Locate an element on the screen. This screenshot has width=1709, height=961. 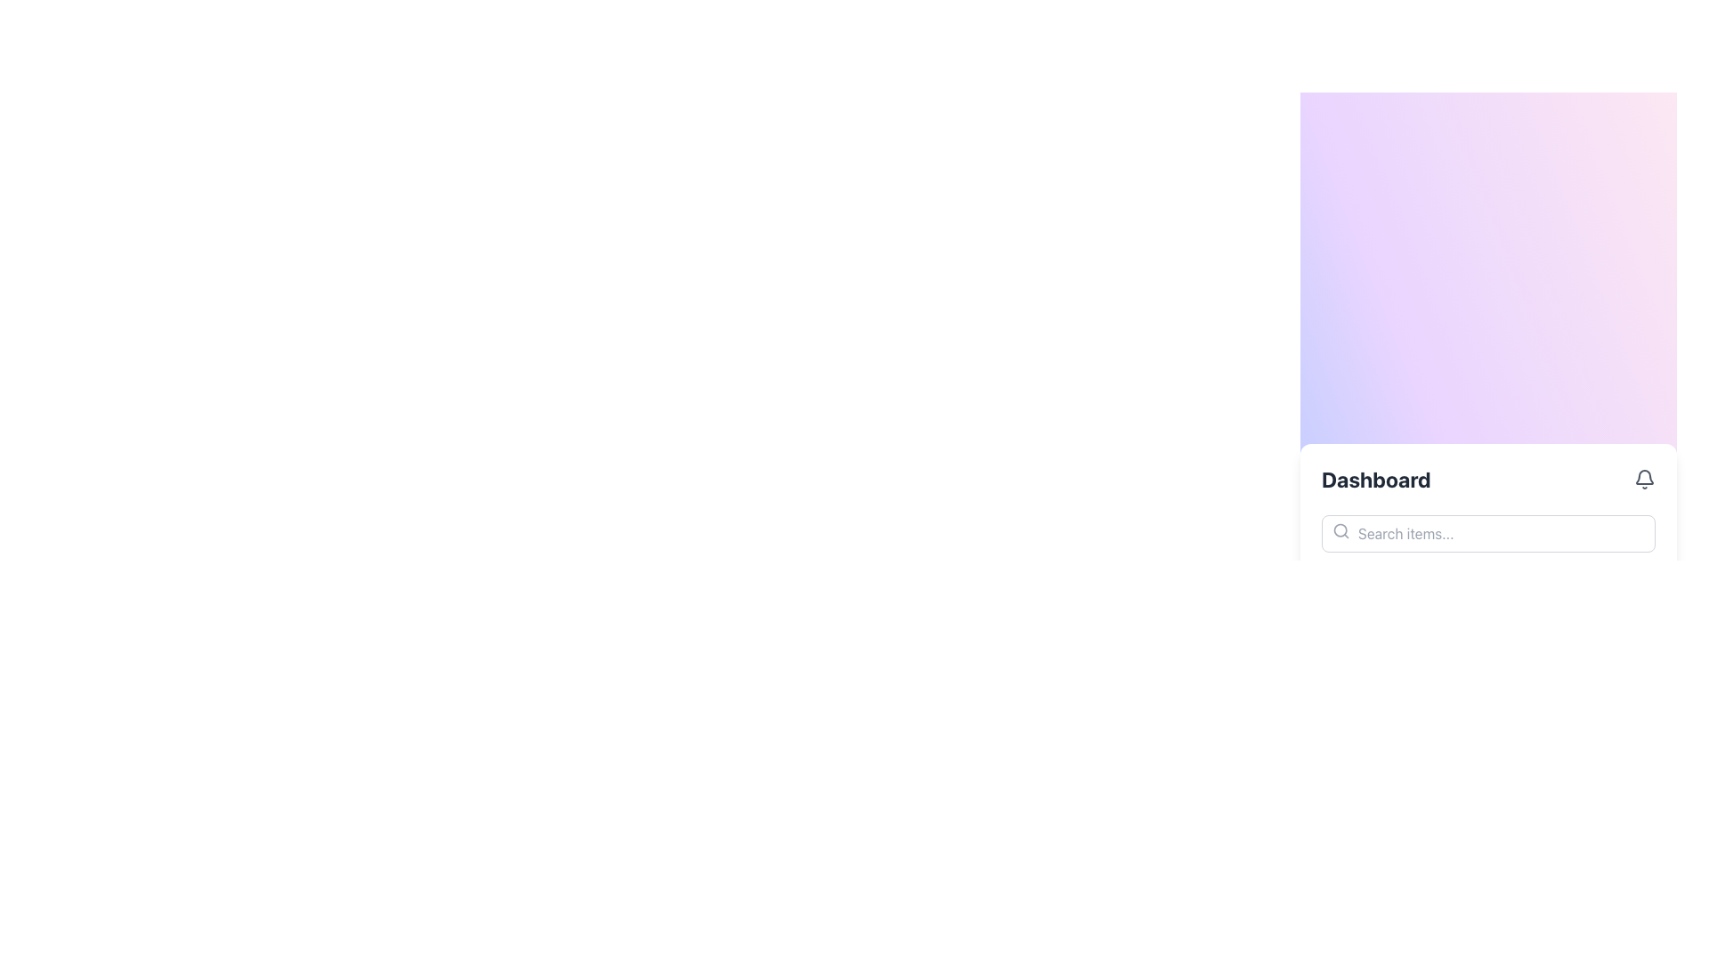
the role of the circular lens component of the search icon, which is located near the center of the magnifying glass icon is located at coordinates (1340, 529).